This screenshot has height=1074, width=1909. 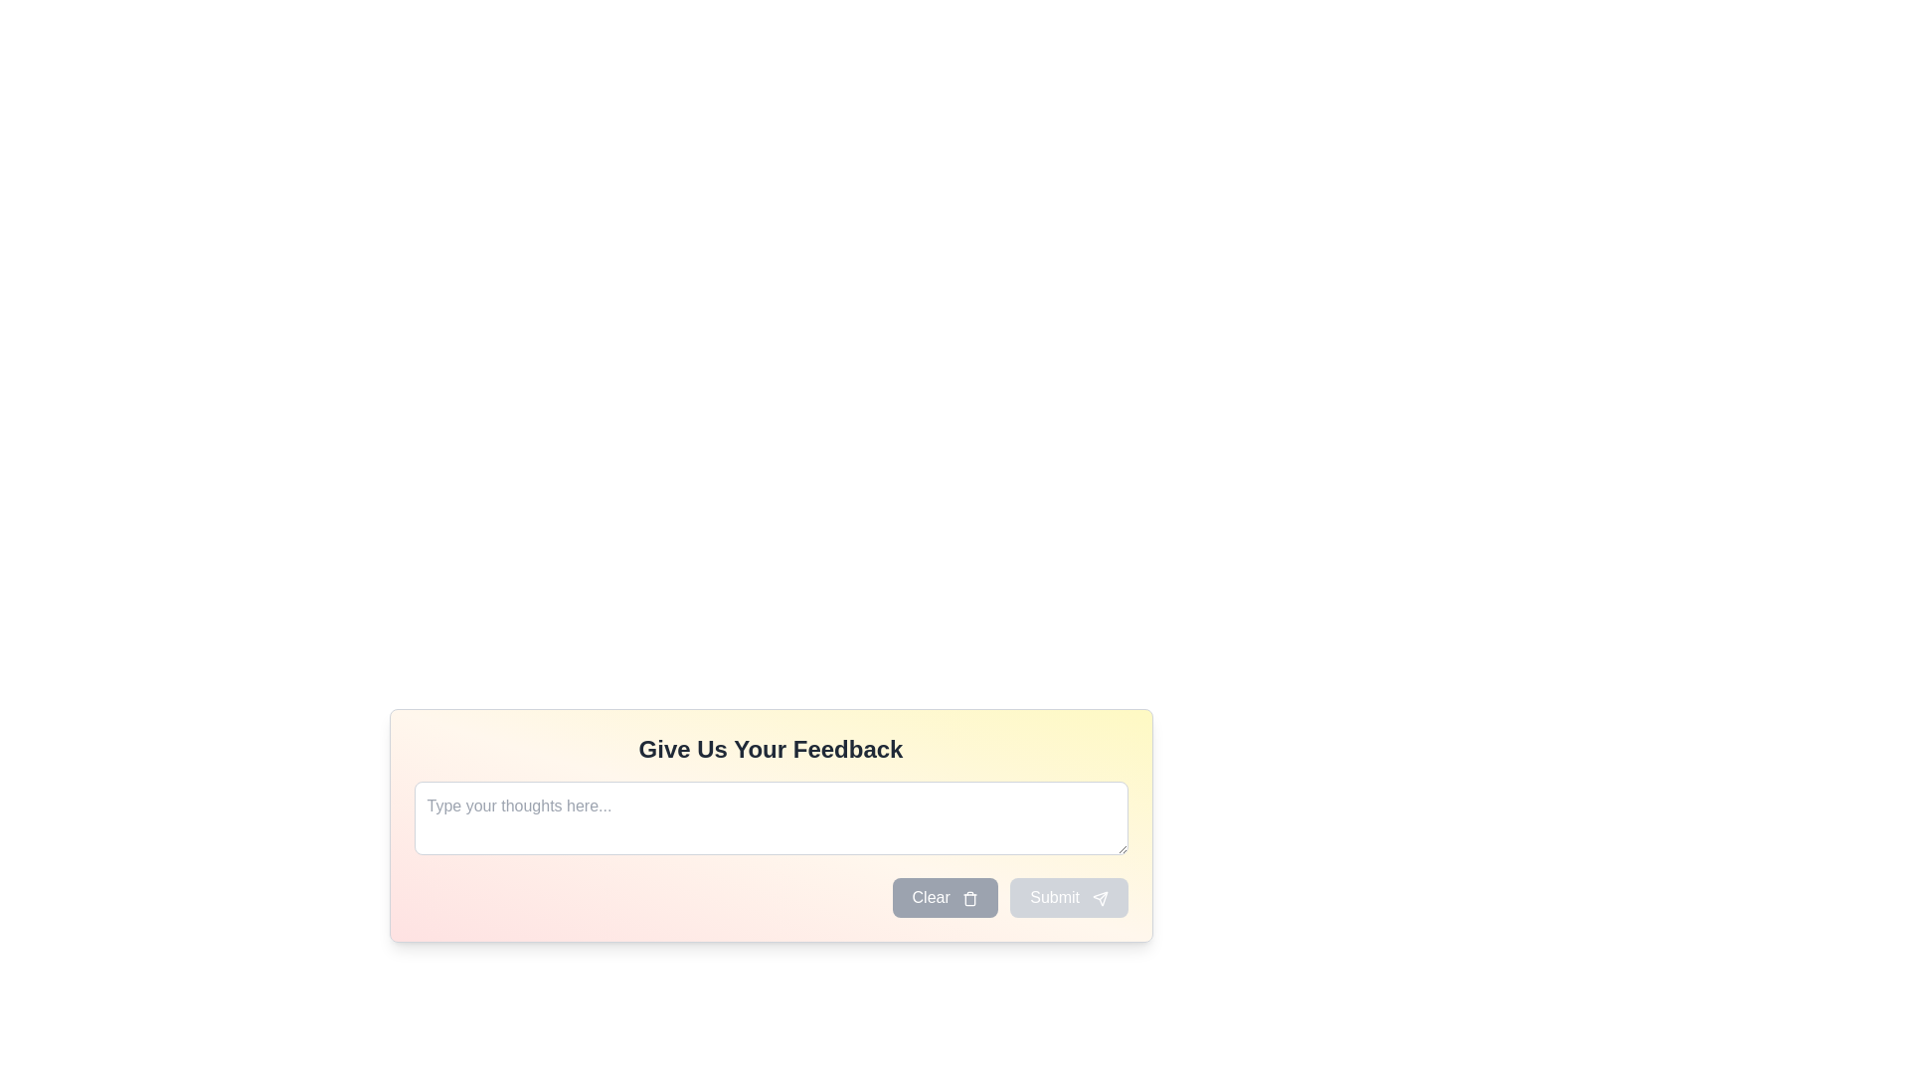 What do you see at coordinates (969, 897) in the screenshot?
I see `the trash can icon located on the 'Clear' button at the bottom left of the feedback form interface` at bounding box center [969, 897].